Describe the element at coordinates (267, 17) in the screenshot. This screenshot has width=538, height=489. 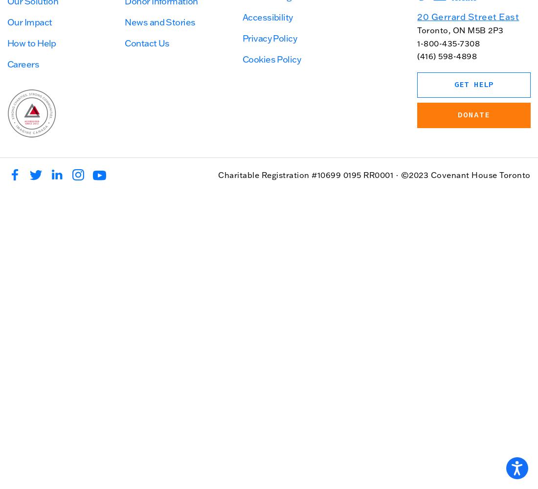
I see `'Accessibility'` at that location.